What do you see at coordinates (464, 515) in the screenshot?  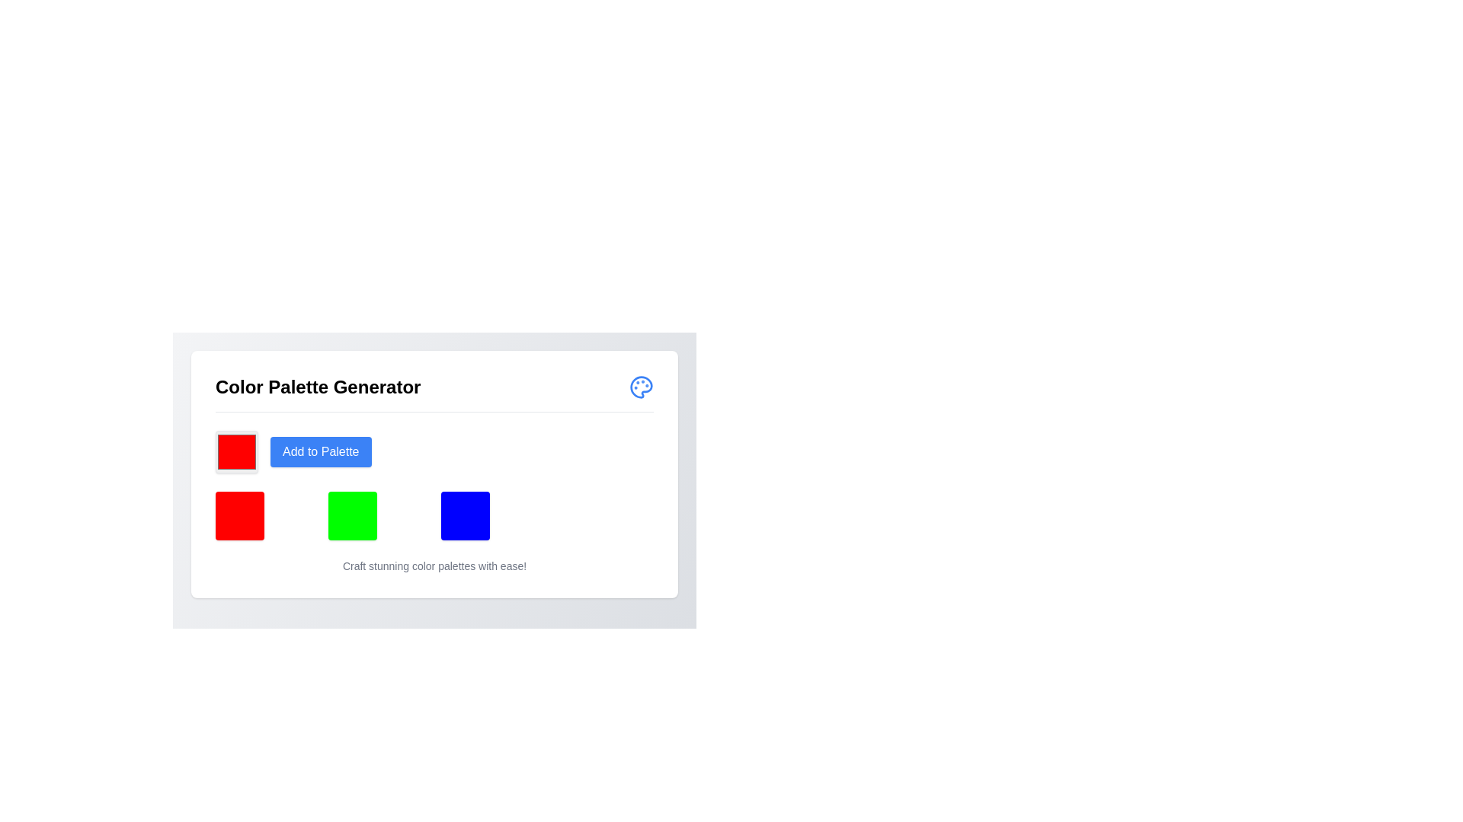 I see `the blue color block in the palette generator` at bounding box center [464, 515].